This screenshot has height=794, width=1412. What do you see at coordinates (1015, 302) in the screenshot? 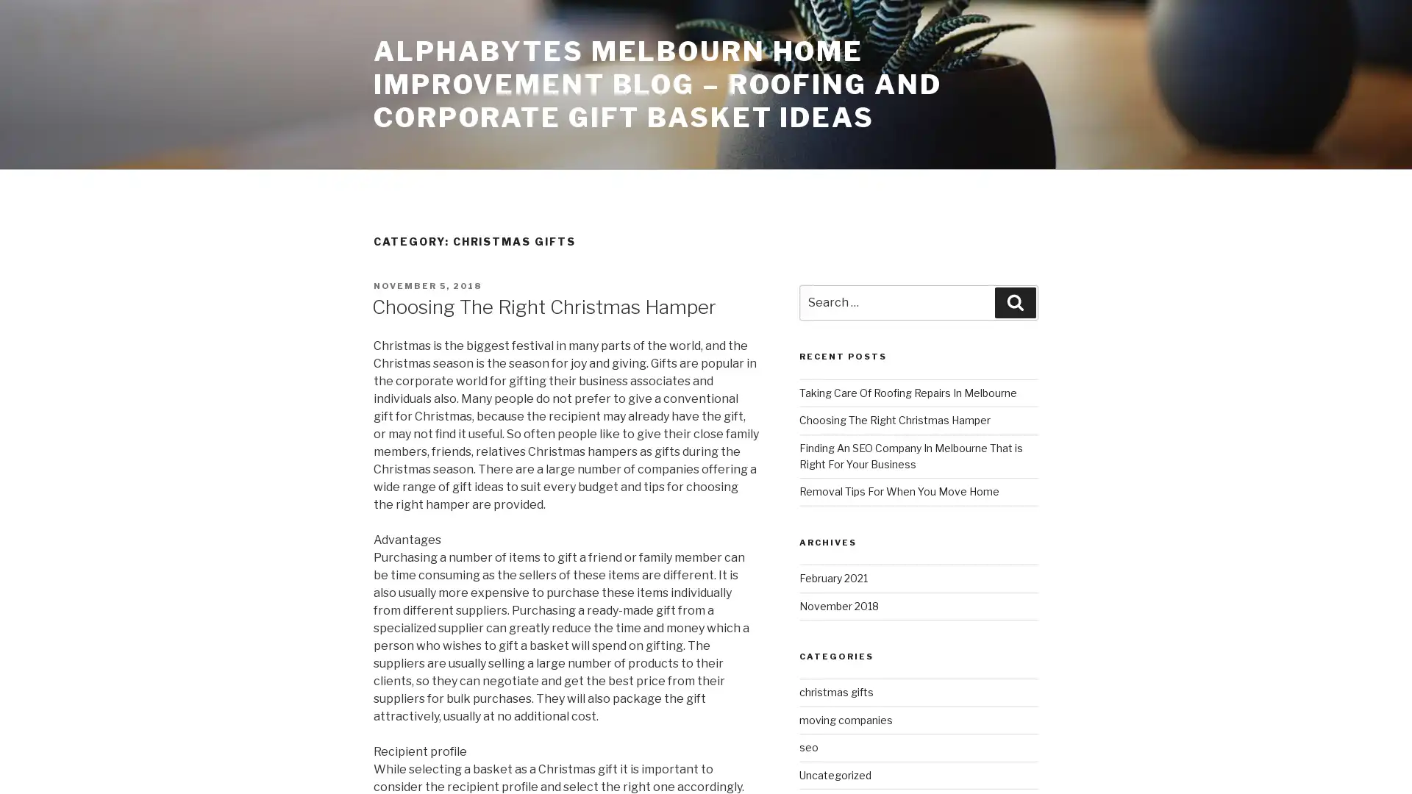
I see `Search` at bounding box center [1015, 302].